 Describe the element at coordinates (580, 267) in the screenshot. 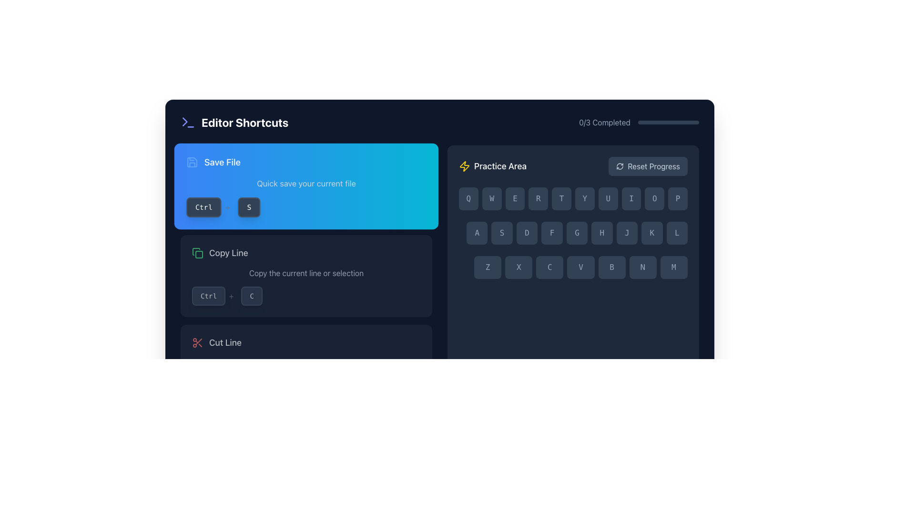

I see `the fourth button in the bottom row of the keyboard layout in the 'Practice Area' section to simulate pressing the 'V' key` at that location.